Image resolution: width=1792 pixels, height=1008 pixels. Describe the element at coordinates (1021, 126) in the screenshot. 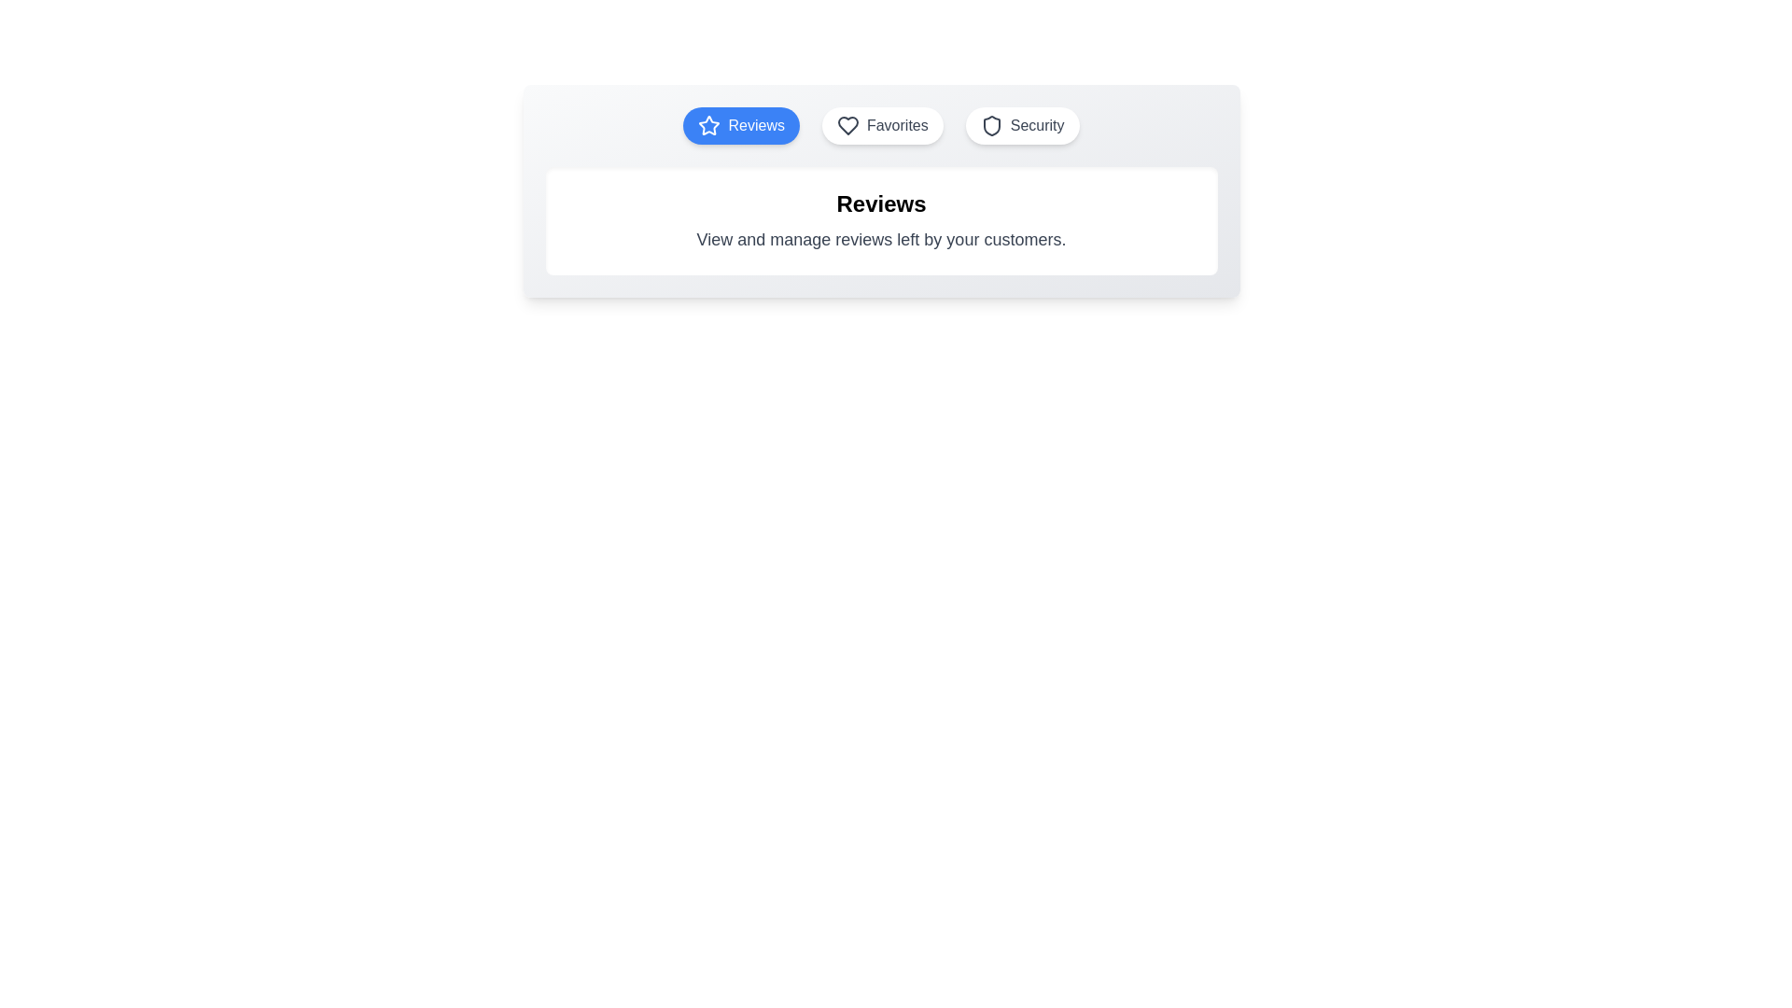

I see `the 'Security' tab to view its content` at that location.